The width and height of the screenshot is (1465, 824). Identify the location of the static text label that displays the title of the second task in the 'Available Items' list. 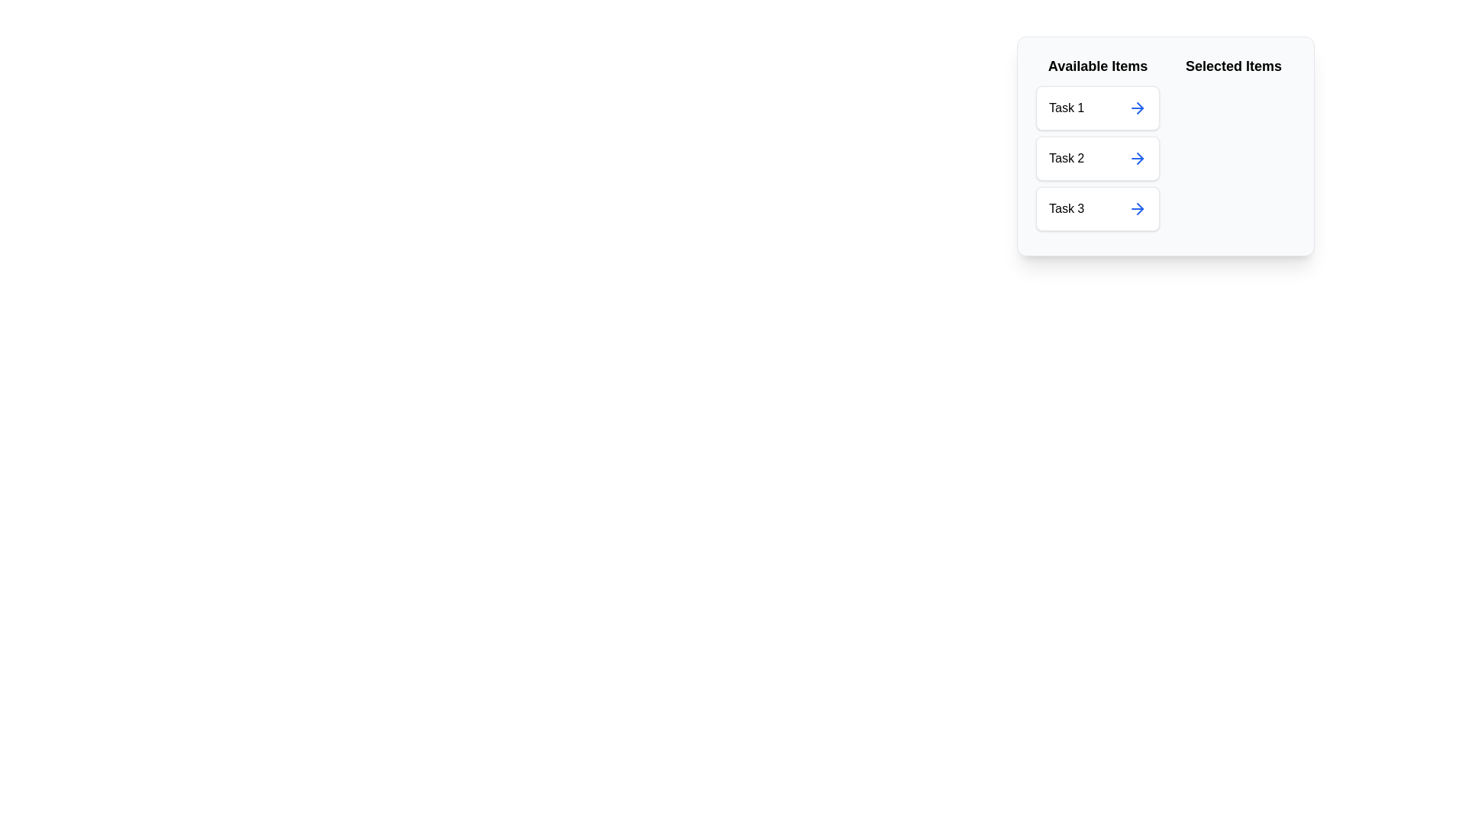
(1066, 159).